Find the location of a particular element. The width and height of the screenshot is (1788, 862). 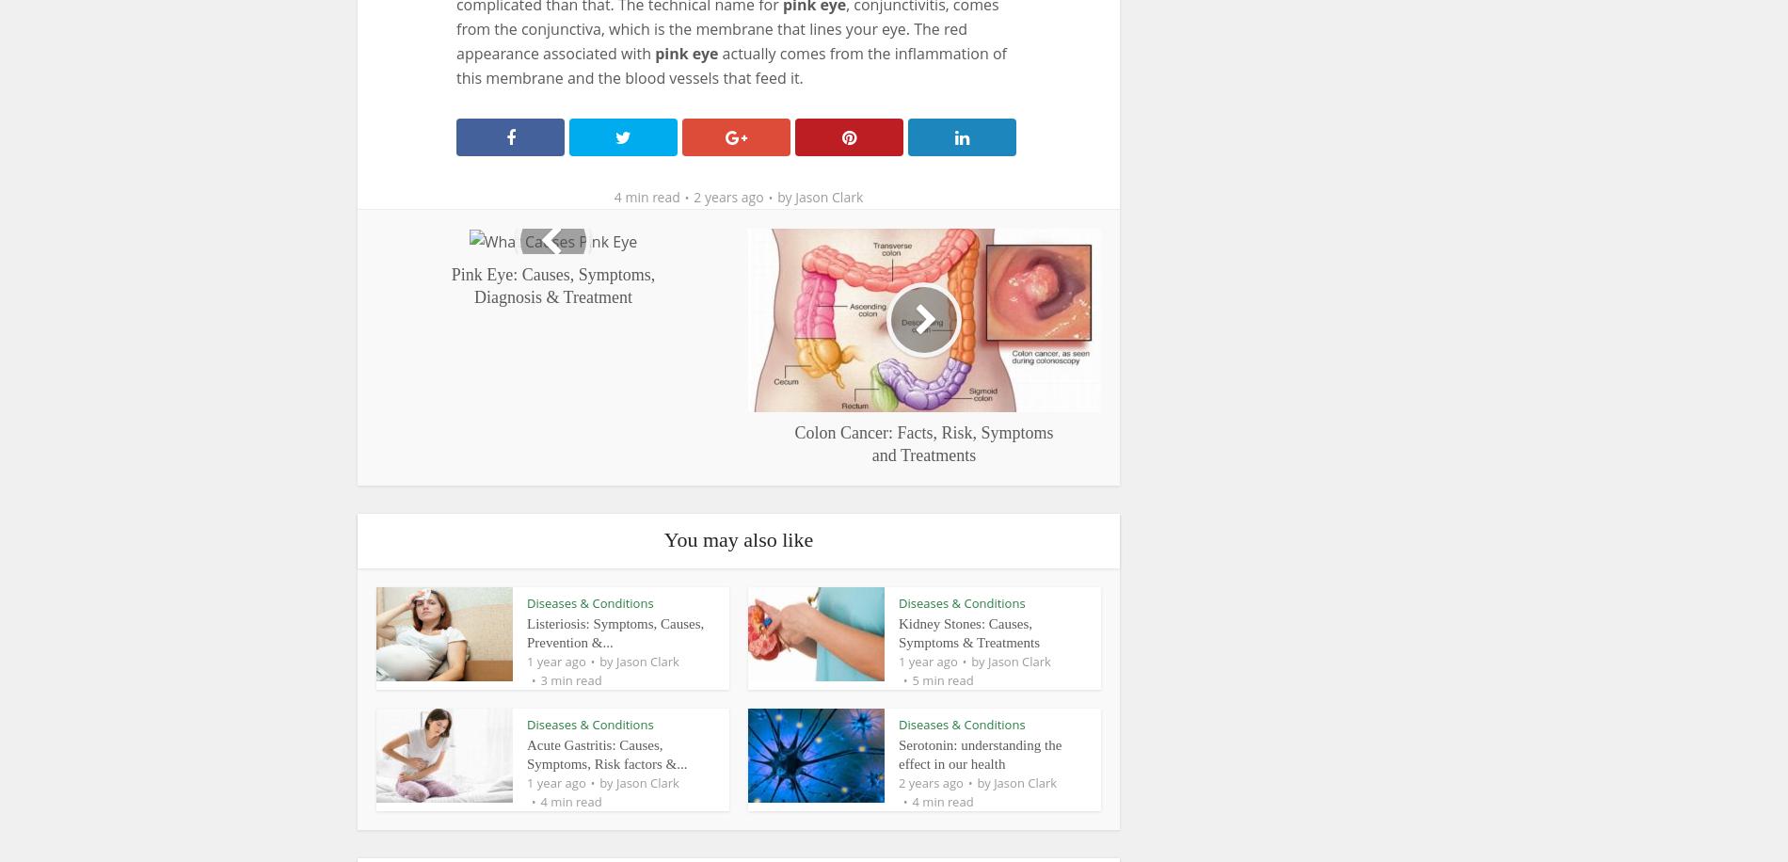

'3 min read' is located at coordinates (570, 678).